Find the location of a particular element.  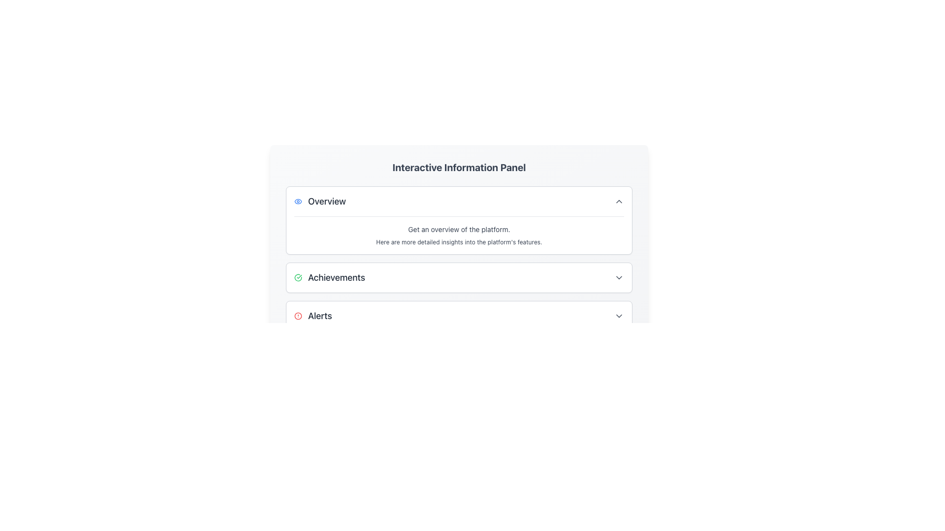

text label that serves as the title for the 'Alerts' section, positioned below 'Overview' and 'Achievements' is located at coordinates (320, 316).